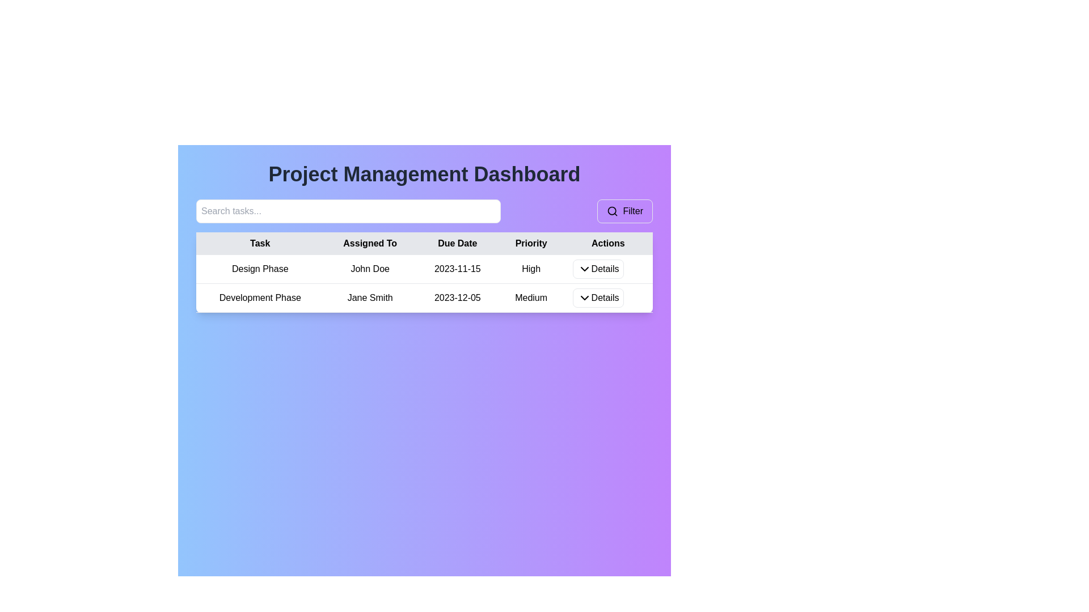 The height and width of the screenshot is (612, 1089). Describe the element at coordinates (598, 269) in the screenshot. I see `the toggle button in the 'Actions' column of the first row of the table` at that location.